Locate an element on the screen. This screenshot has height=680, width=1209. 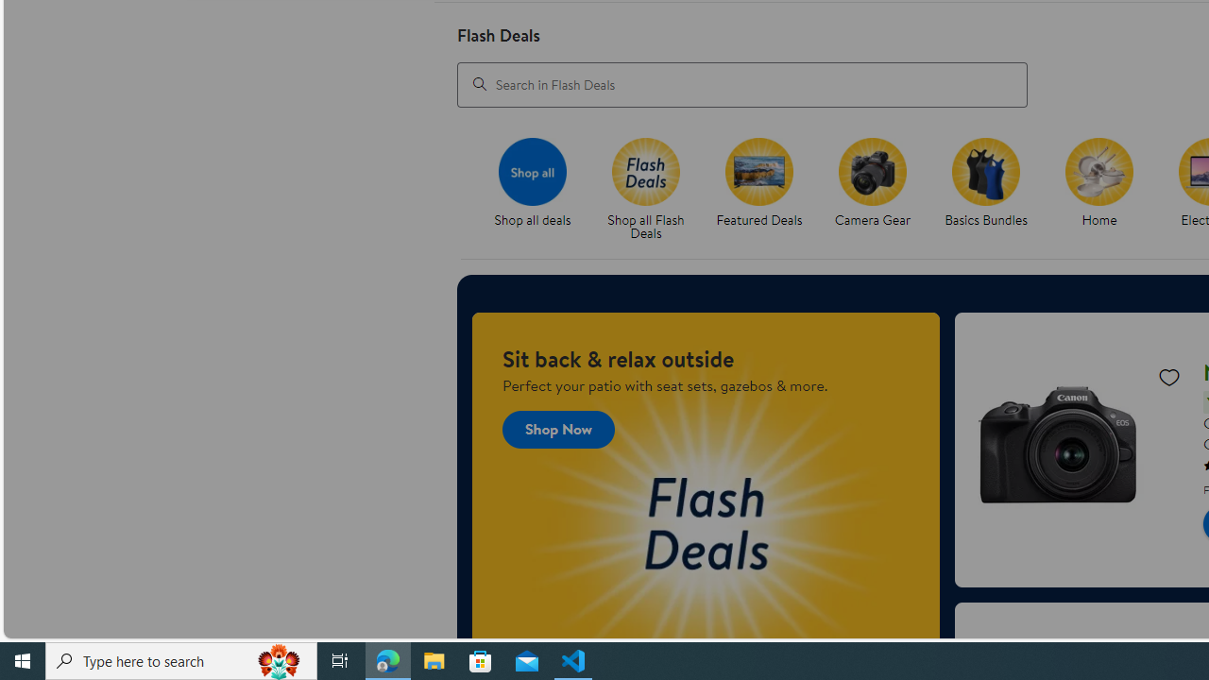
'Basics Bundles Basics Bundles' is located at coordinates (984, 183).